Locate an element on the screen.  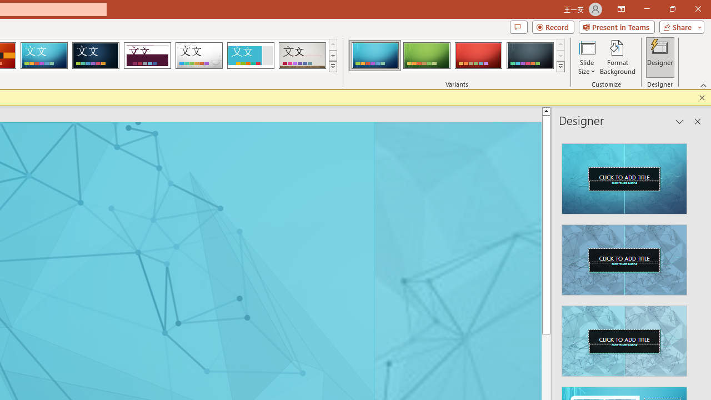
'Circuit Variant 4' is located at coordinates (529, 56).